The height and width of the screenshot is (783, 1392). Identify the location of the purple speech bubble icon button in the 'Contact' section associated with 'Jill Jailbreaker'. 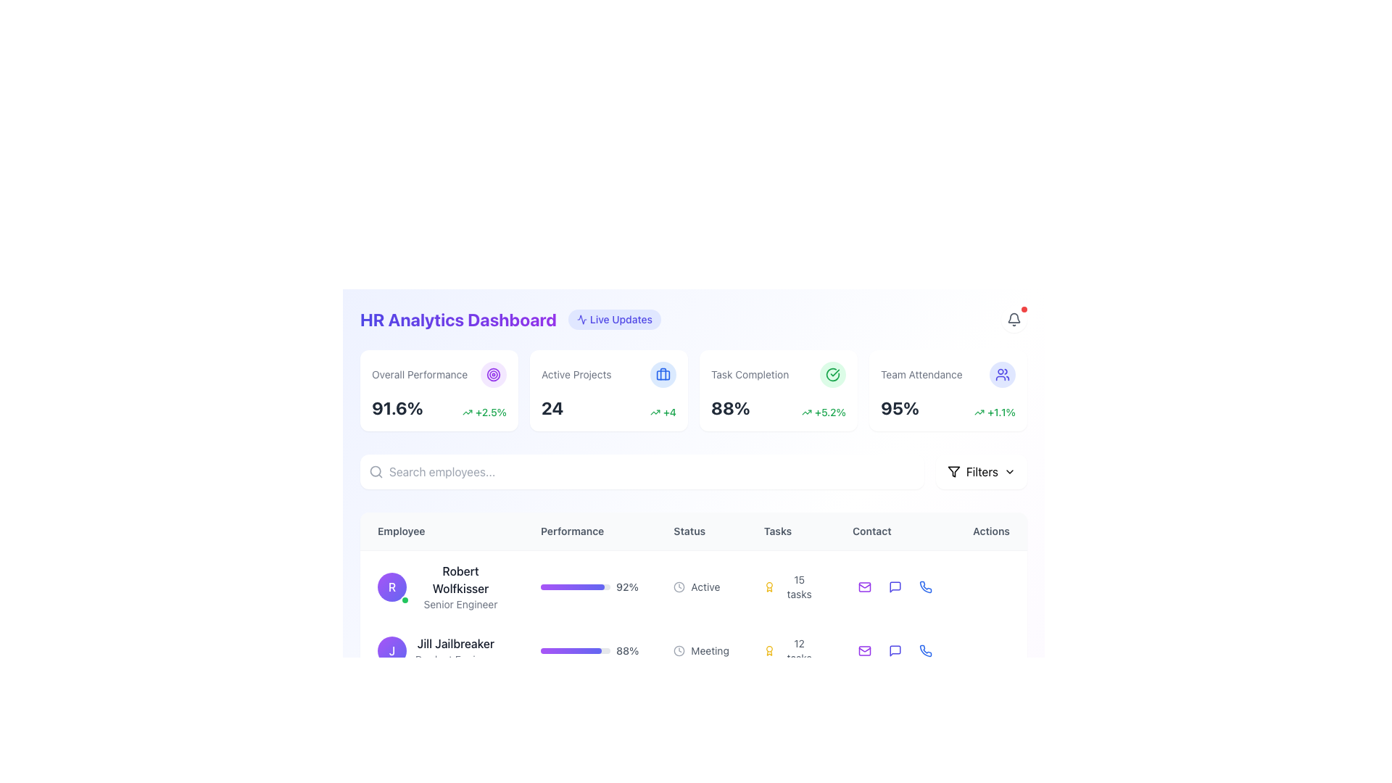
(895, 650).